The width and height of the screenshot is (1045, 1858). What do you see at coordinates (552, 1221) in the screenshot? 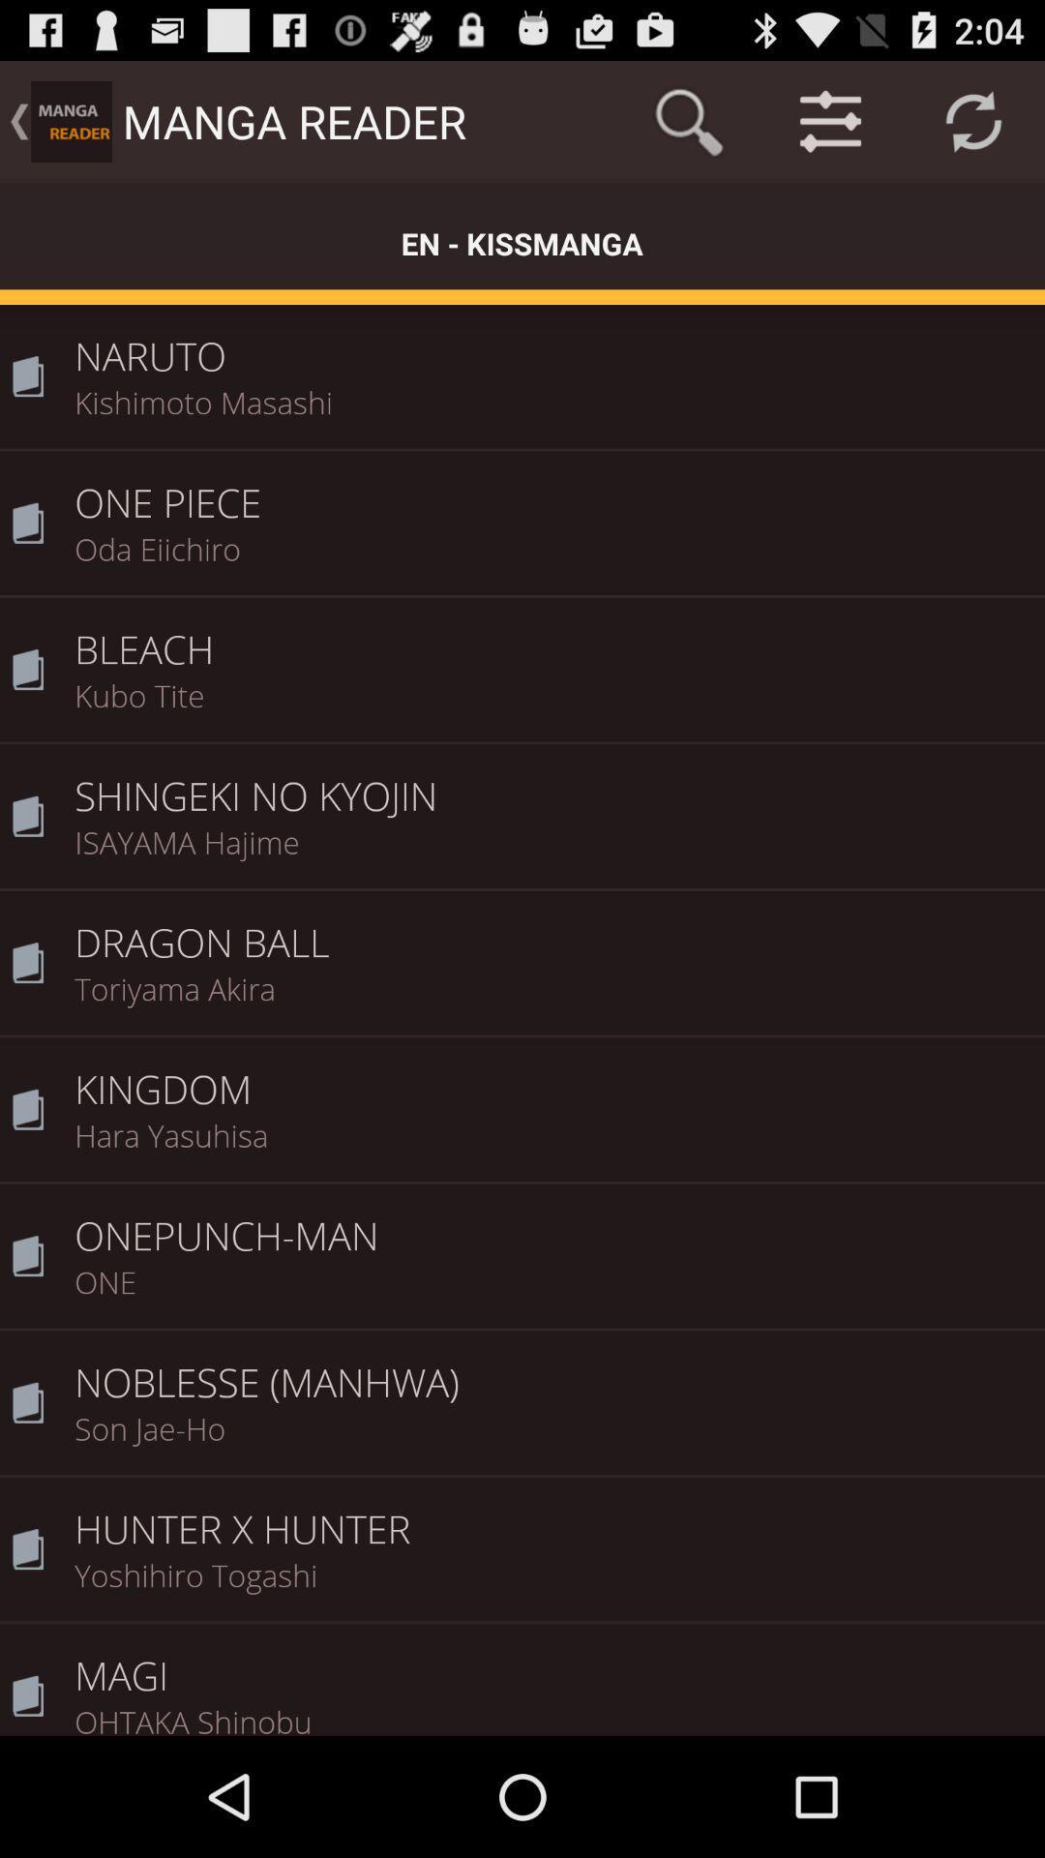
I see `onepunch-man icon` at bounding box center [552, 1221].